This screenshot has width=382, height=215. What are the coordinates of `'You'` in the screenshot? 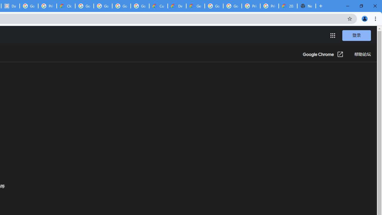 It's located at (364, 18).